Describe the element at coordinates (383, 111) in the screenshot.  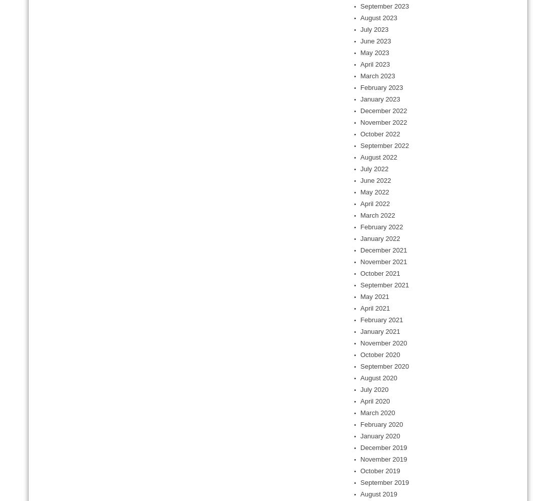
I see `'December 2022'` at that location.